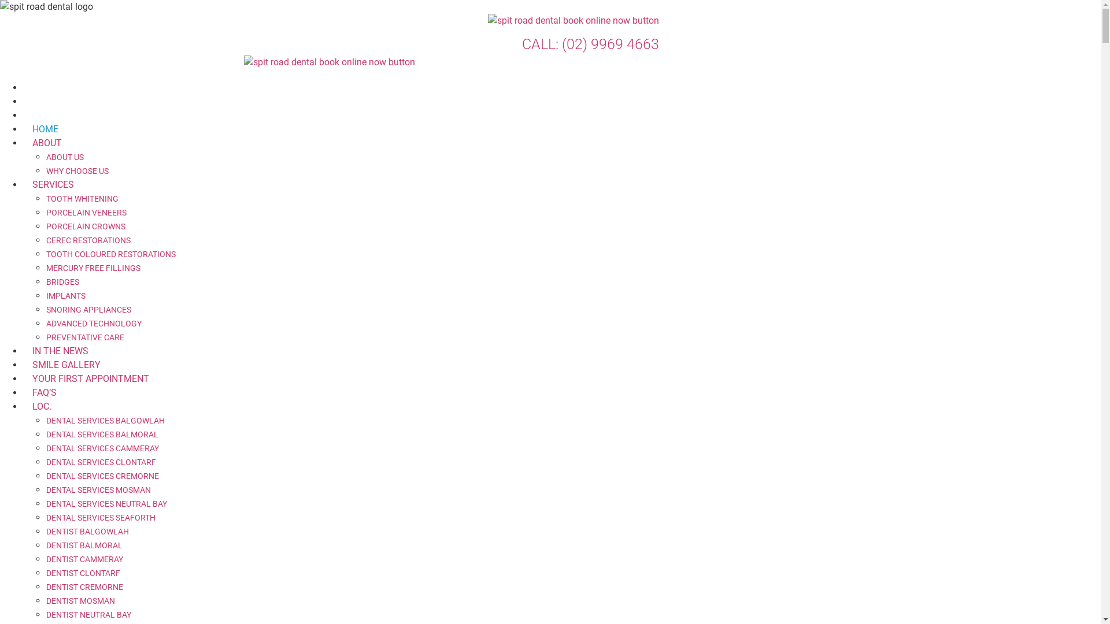 The height and width of the screenshot is (624, 1110). Describe the element at coordinates (84, 559) in the screenshot. I see `'DENTIST CAMMERAY'` at that location.